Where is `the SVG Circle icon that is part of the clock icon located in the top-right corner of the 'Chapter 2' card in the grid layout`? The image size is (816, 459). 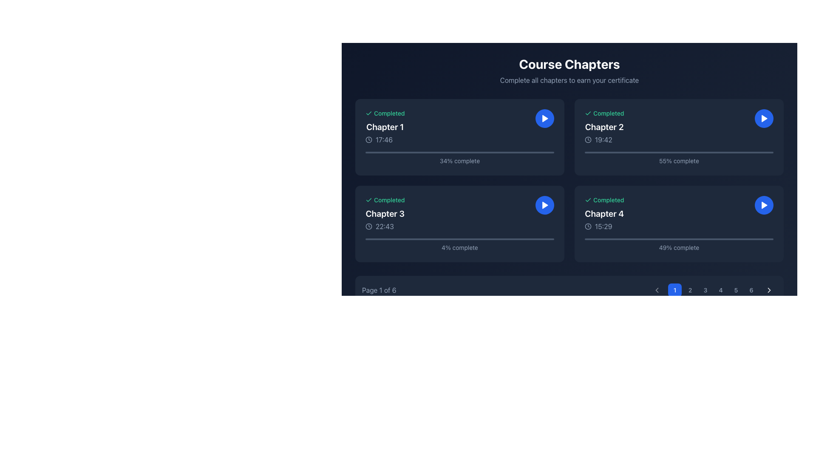 the SVG Circle icon that is part of the clock icon located in the top-right corner of the 'Chapter 2' card in the grid layout is located at coordinates (587, 139).